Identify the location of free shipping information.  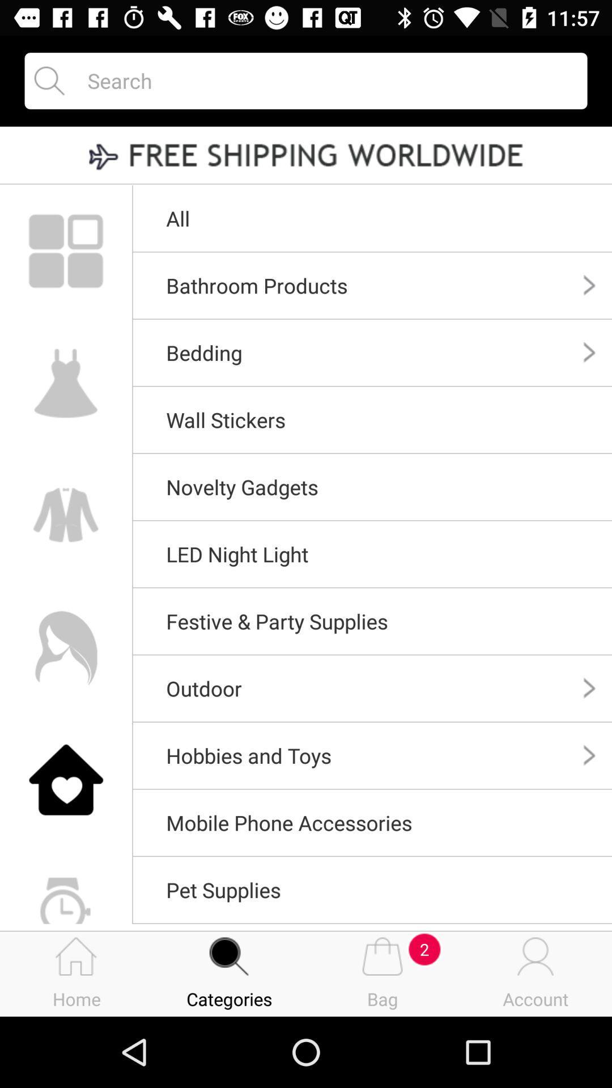
(306, 156).